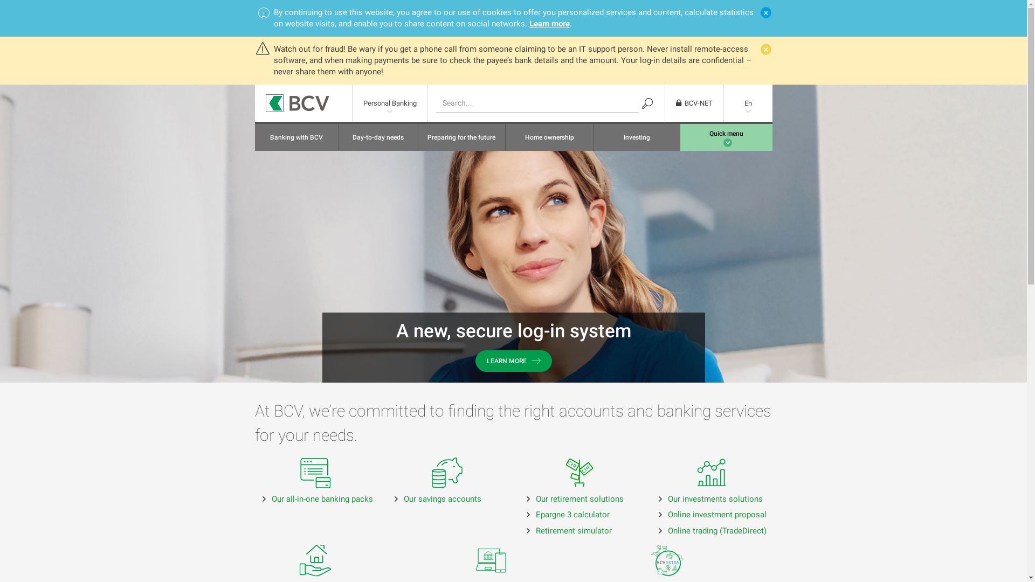  Describe the element at coordinates (594, 136) in the screenshot. I see `'Investing'` at that location.